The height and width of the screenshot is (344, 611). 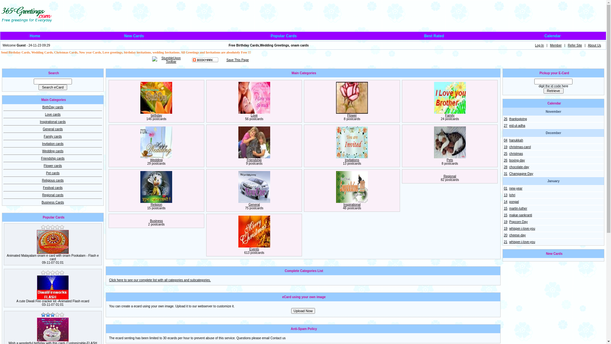 I want to click on 'General cards', so click(x=53, y=129).